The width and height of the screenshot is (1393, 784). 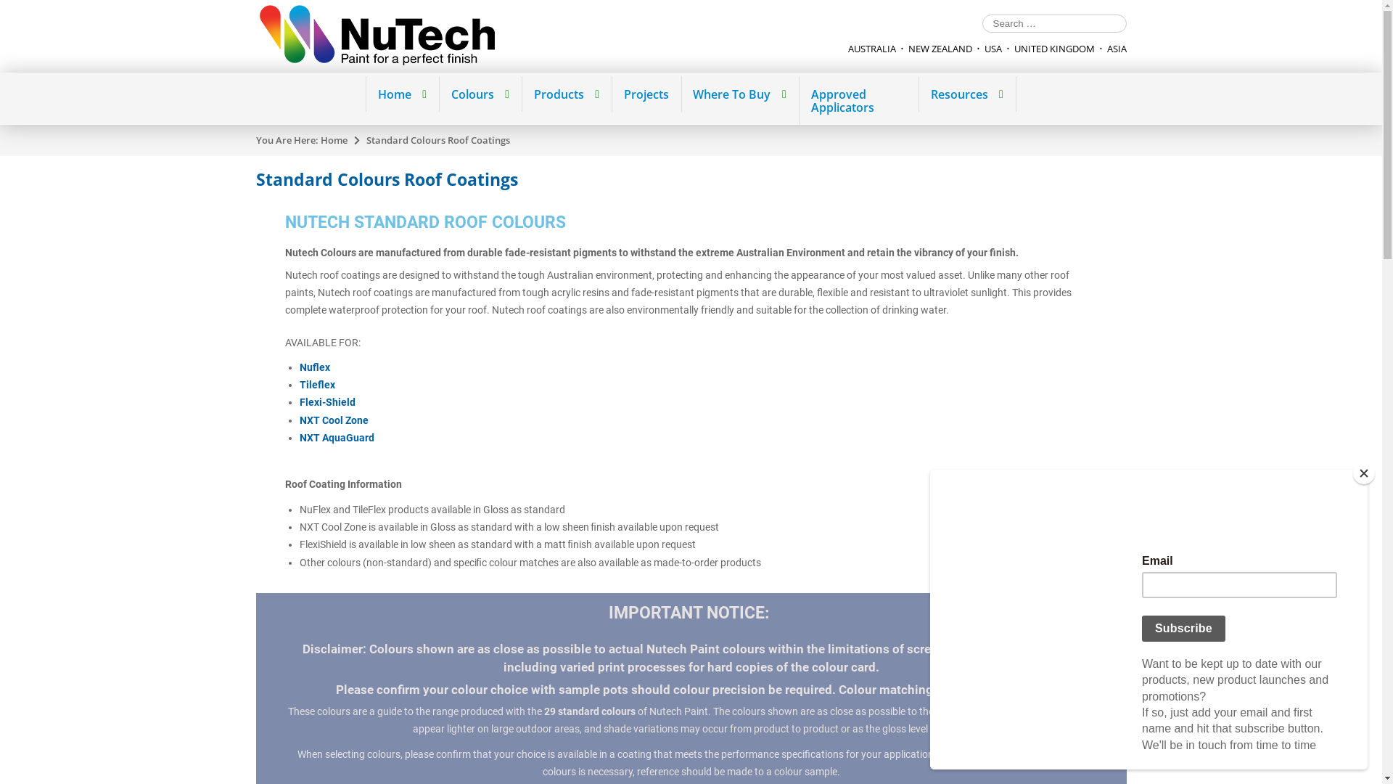 What do you see at coordinates (298, 366) in the screenshot?
I see `'Nuflex'` at bounding box center [298, 366].